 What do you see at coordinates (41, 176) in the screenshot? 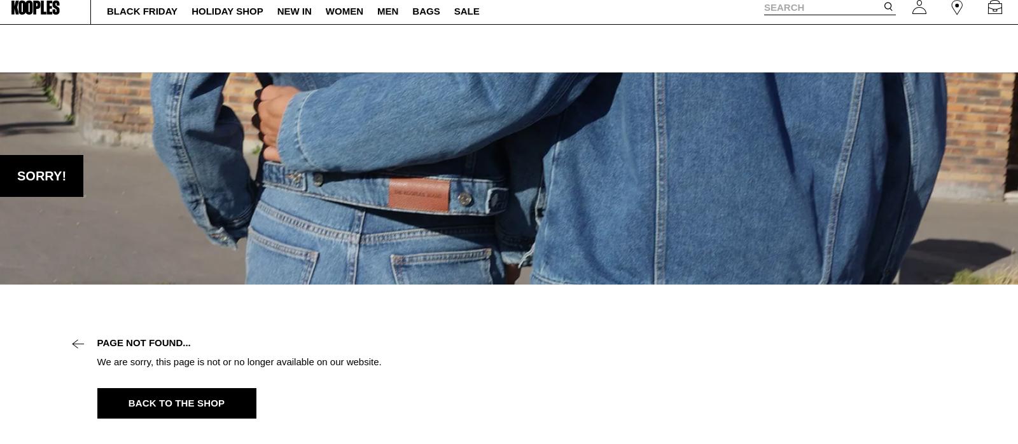
I see `'Sorry!'` at bounding box center [41, 176].